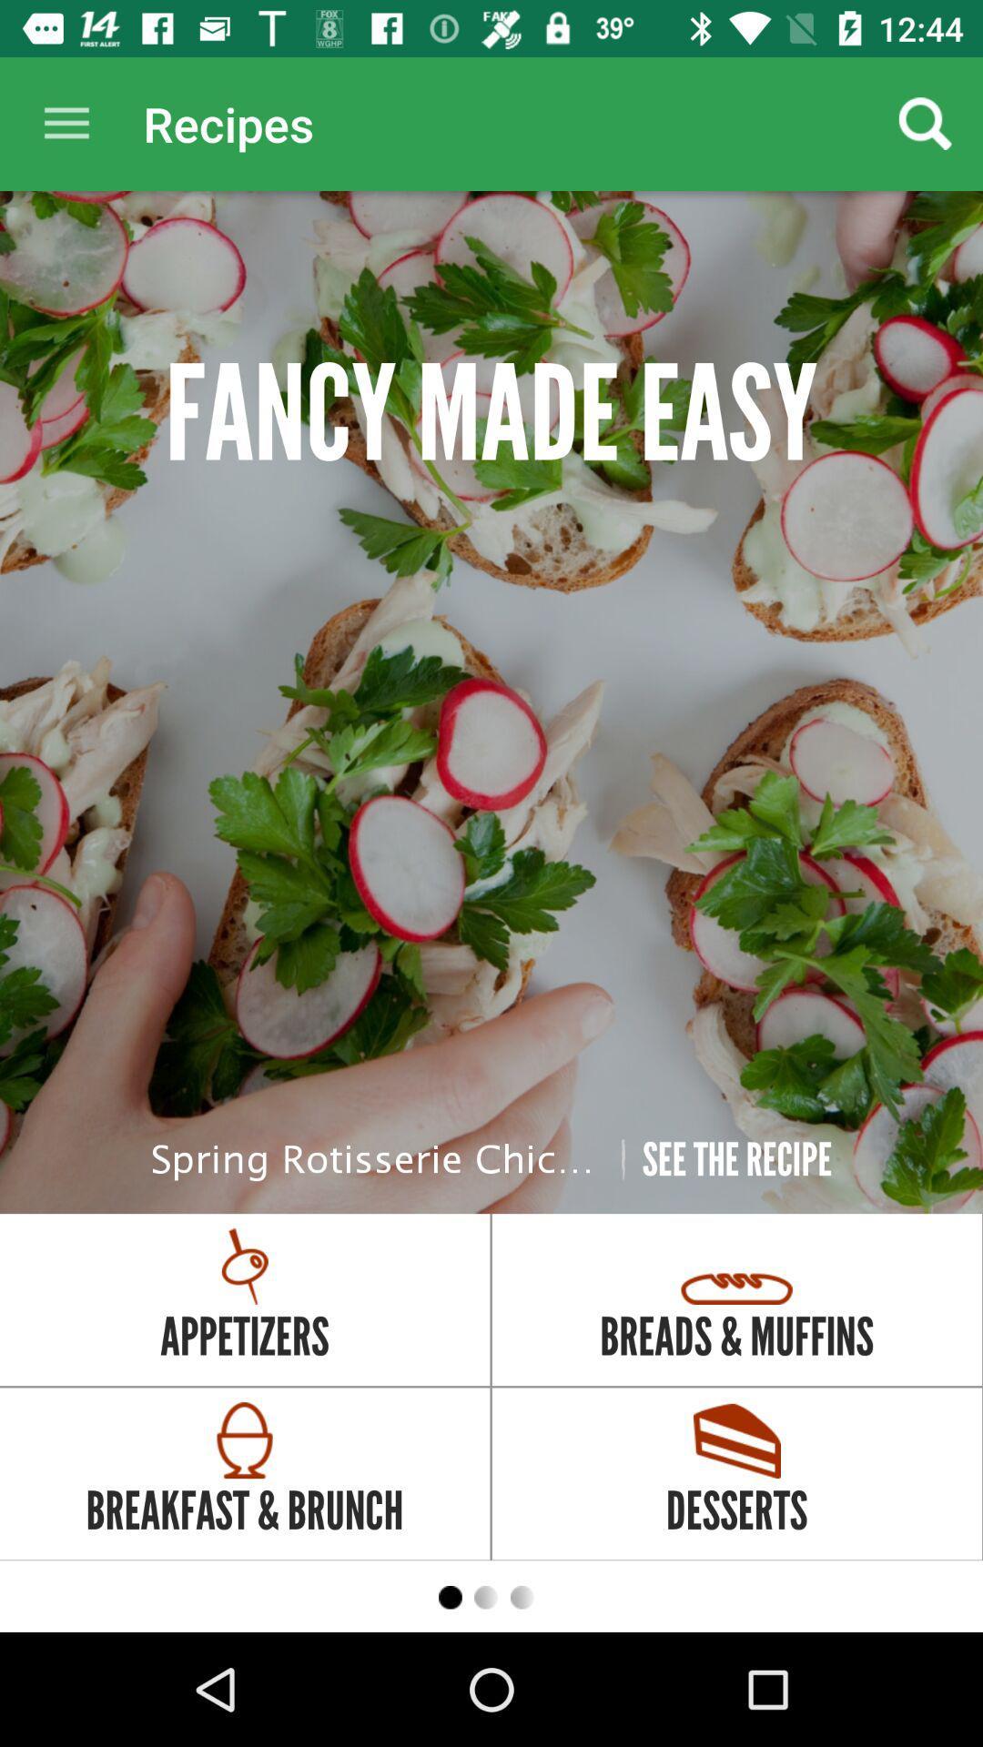 The height and width of the screenshot is (1747, 983). Describe the element at coordinates (926, 123) in the screenshot. I see `the icon at the top right corner` at that location.